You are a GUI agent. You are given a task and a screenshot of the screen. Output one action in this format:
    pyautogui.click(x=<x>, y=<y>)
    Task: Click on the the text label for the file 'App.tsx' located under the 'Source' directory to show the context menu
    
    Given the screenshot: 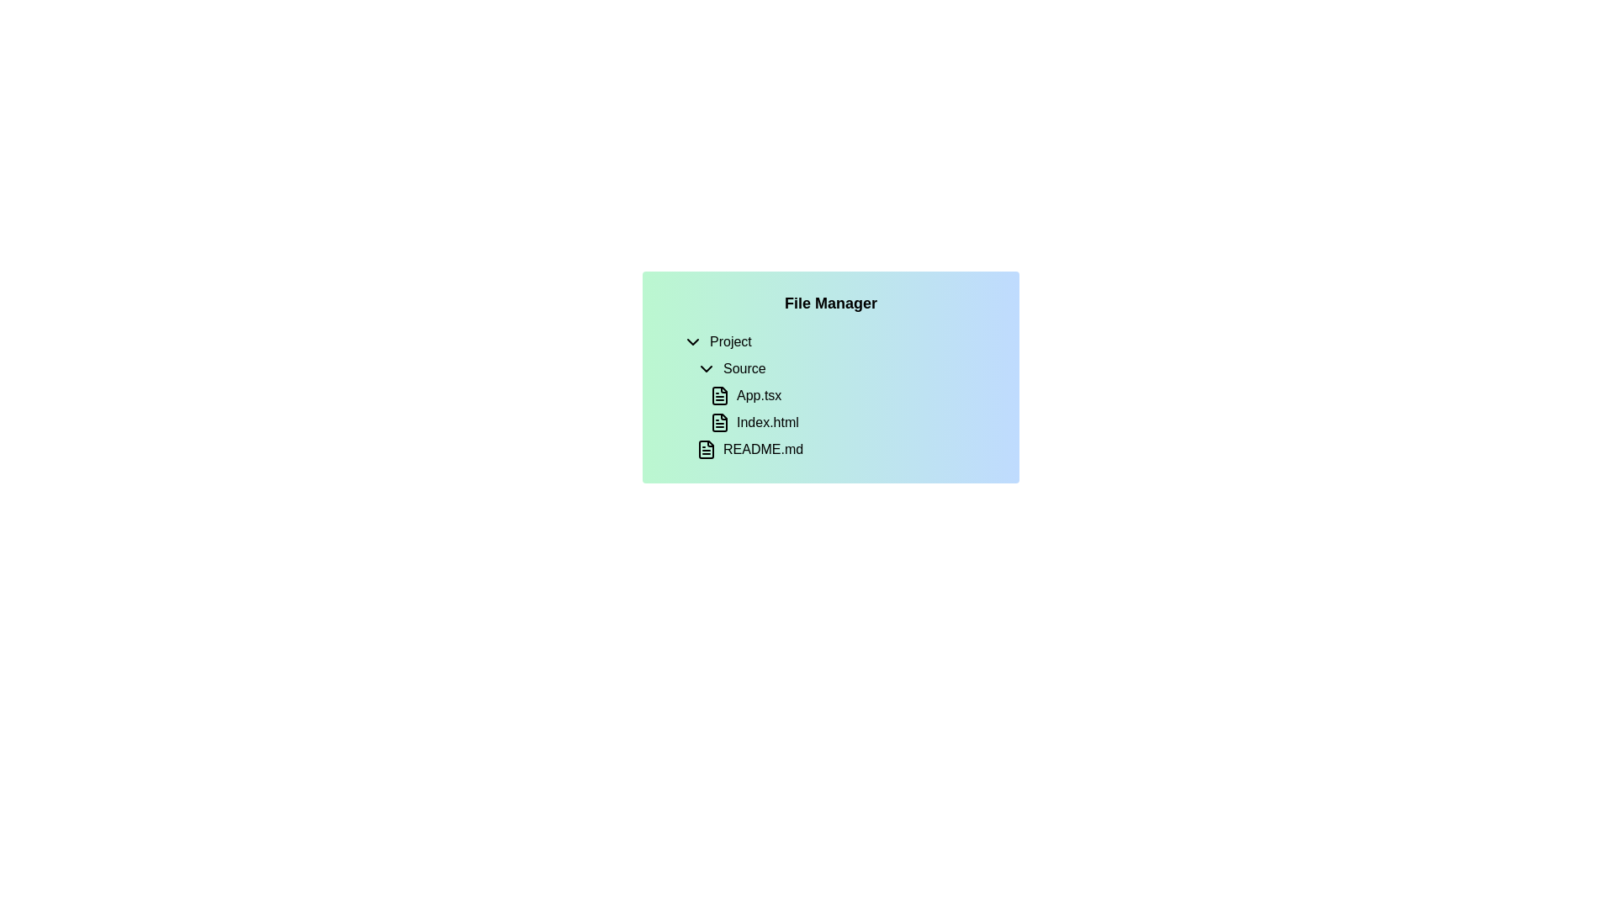 What is the action you would take?
    pyautogui.click(x=758, y=395)
    